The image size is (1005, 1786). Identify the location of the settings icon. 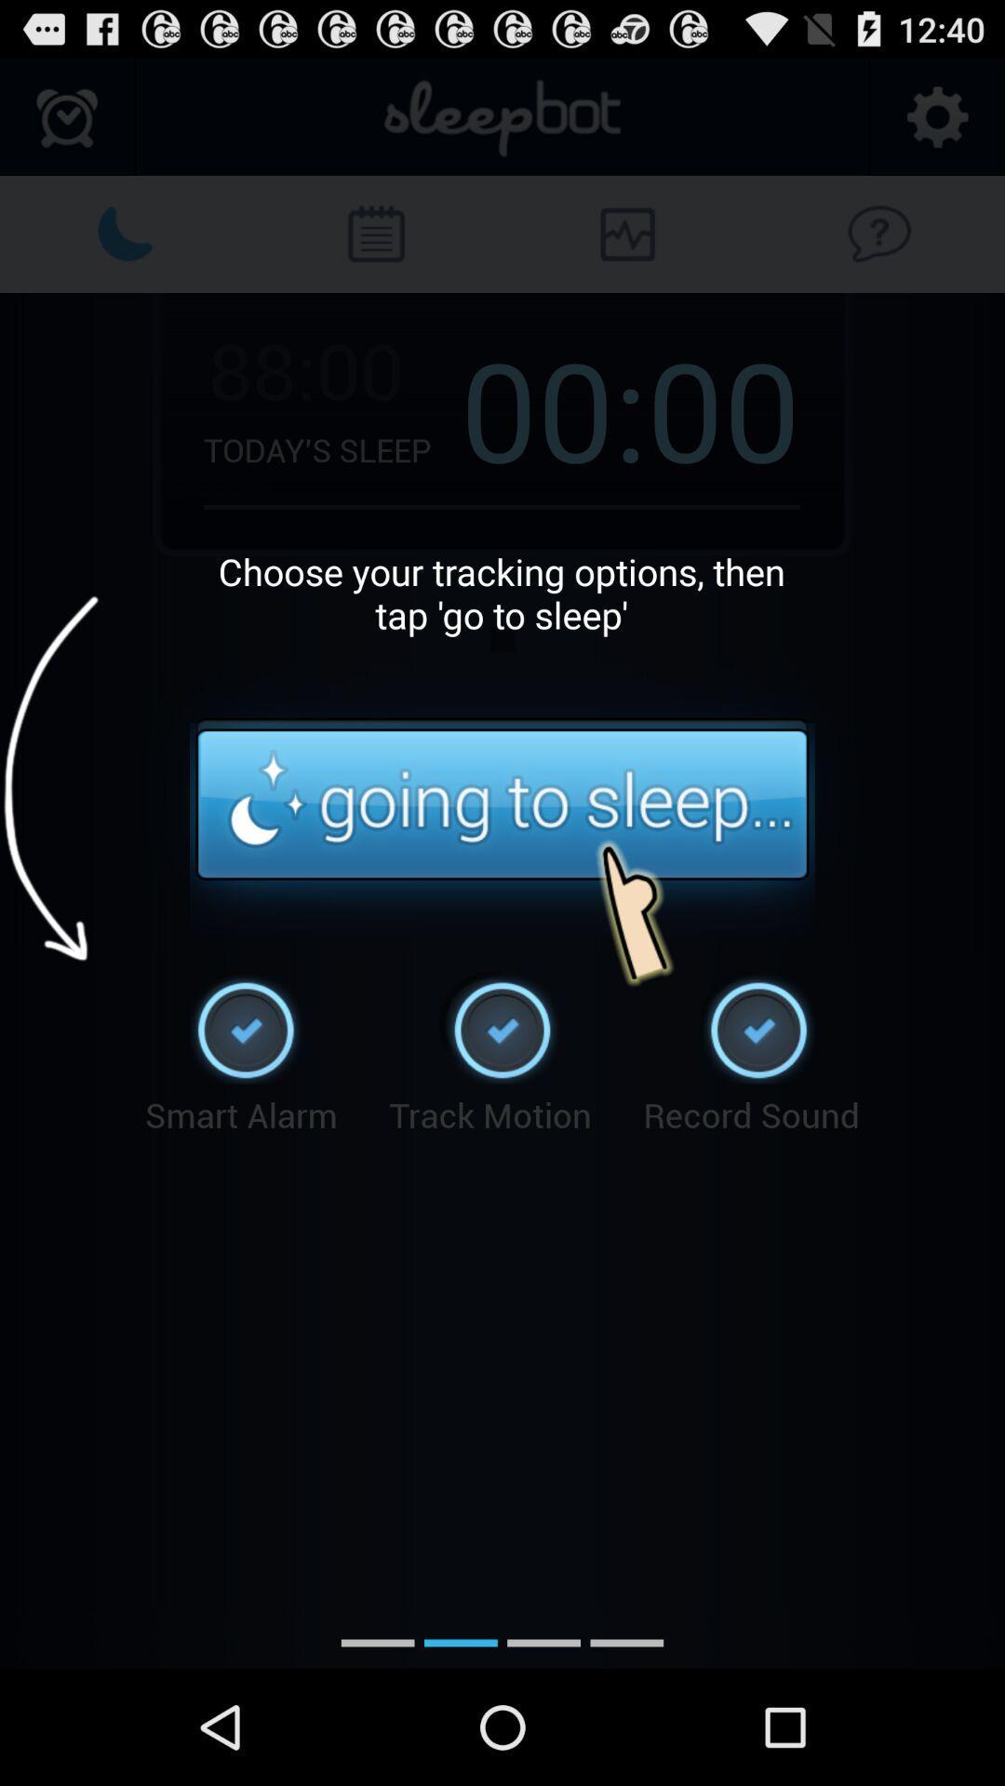
(936, 126).